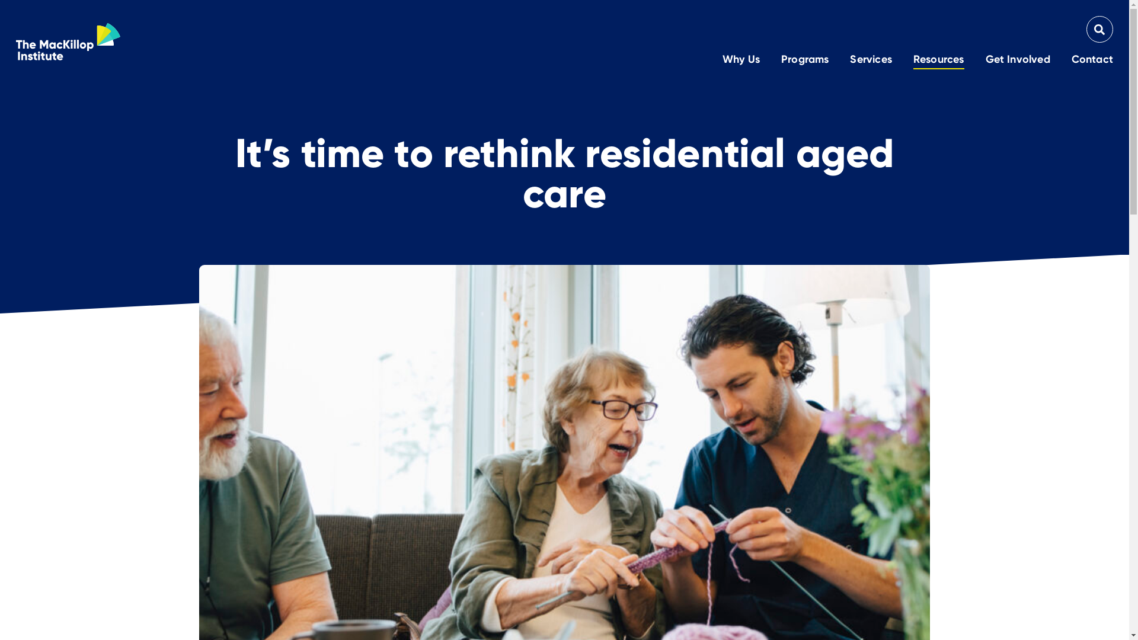 This screenshot has width=1138, height=640. I want to click on 'Why Us', so click(740, 60).